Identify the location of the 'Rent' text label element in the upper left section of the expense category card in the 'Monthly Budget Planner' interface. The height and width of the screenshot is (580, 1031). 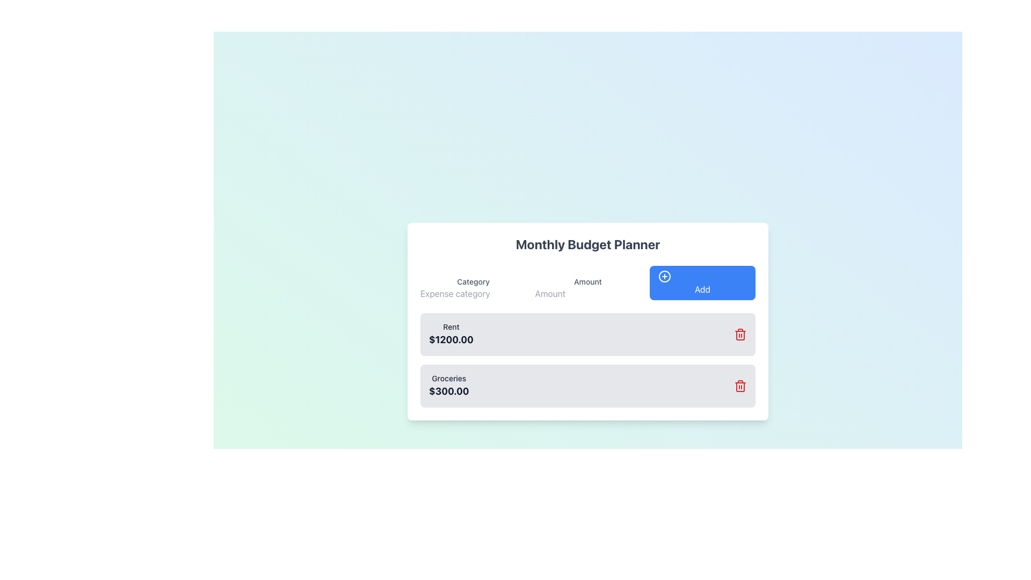
(451, 327).